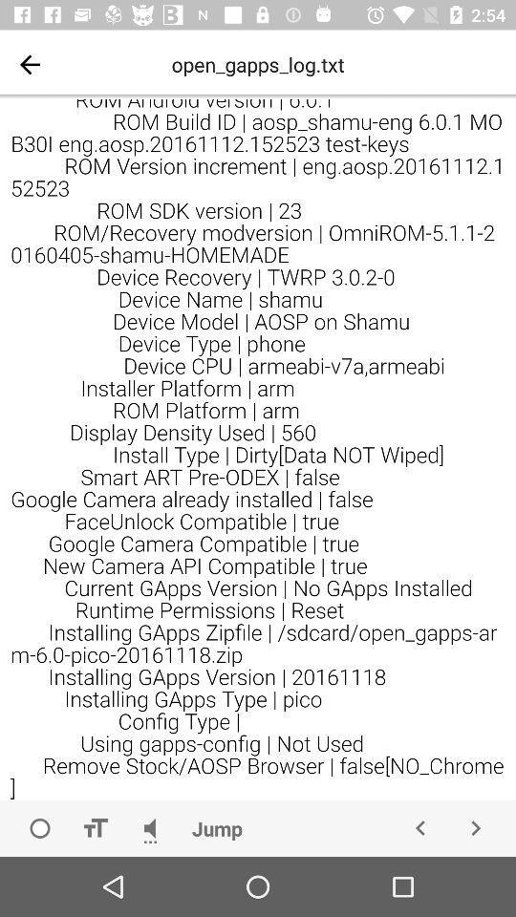  What do you see at coordinates (474, 827) in the screenshot?
I see `forward button` at bounding box center [474, 827].